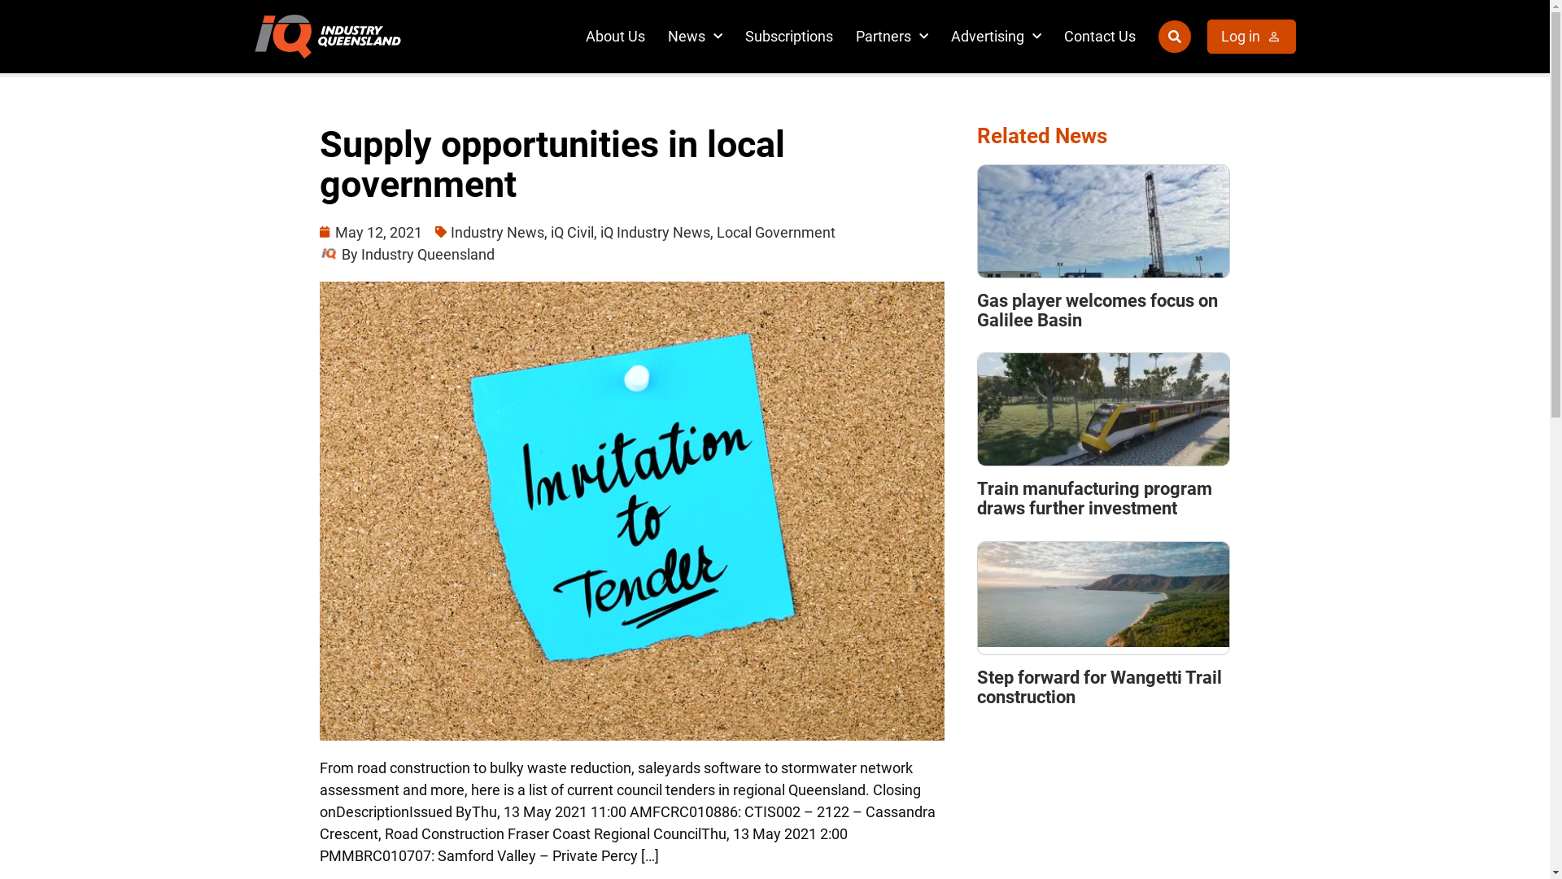 Image resolution: width=1562 pixels, height=879 pixels. Describe the element at coordinates (571, 232) in the screenshot. I see `'iQ Civil'` at that location.